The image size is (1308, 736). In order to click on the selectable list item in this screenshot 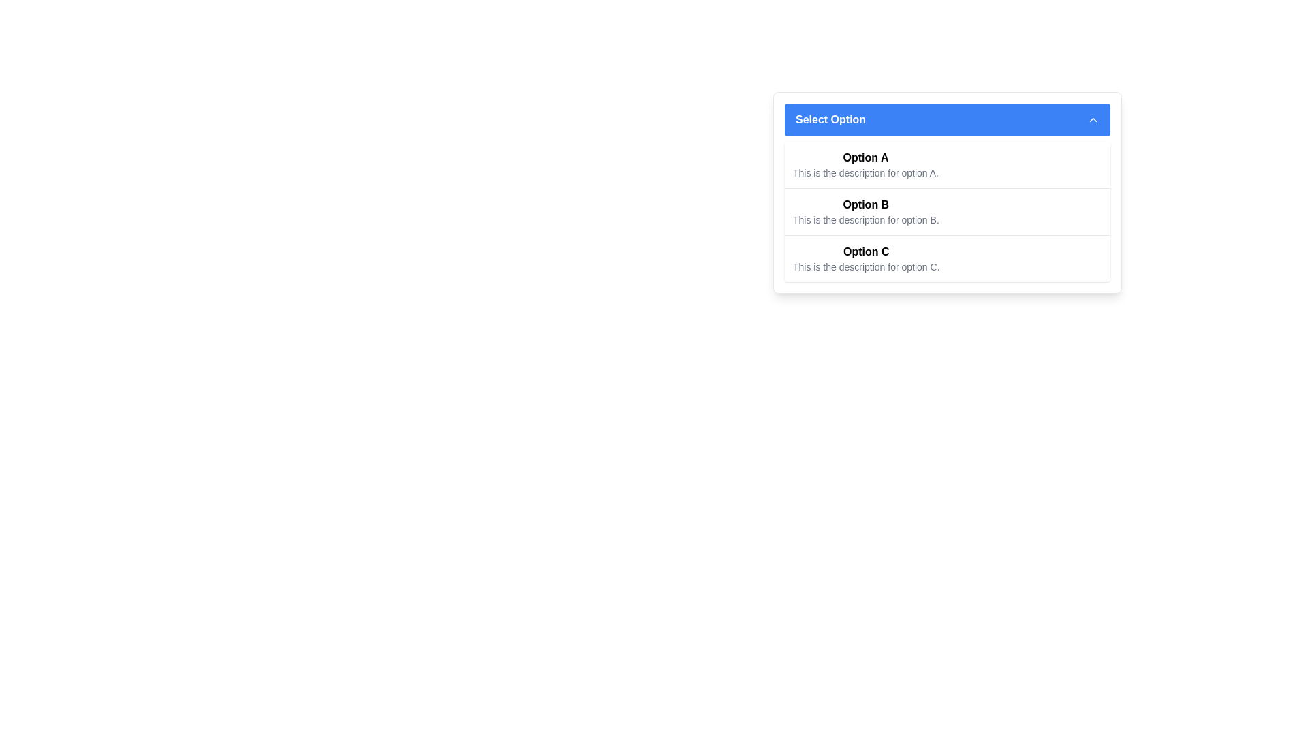, I will do `click(947, 258)`.